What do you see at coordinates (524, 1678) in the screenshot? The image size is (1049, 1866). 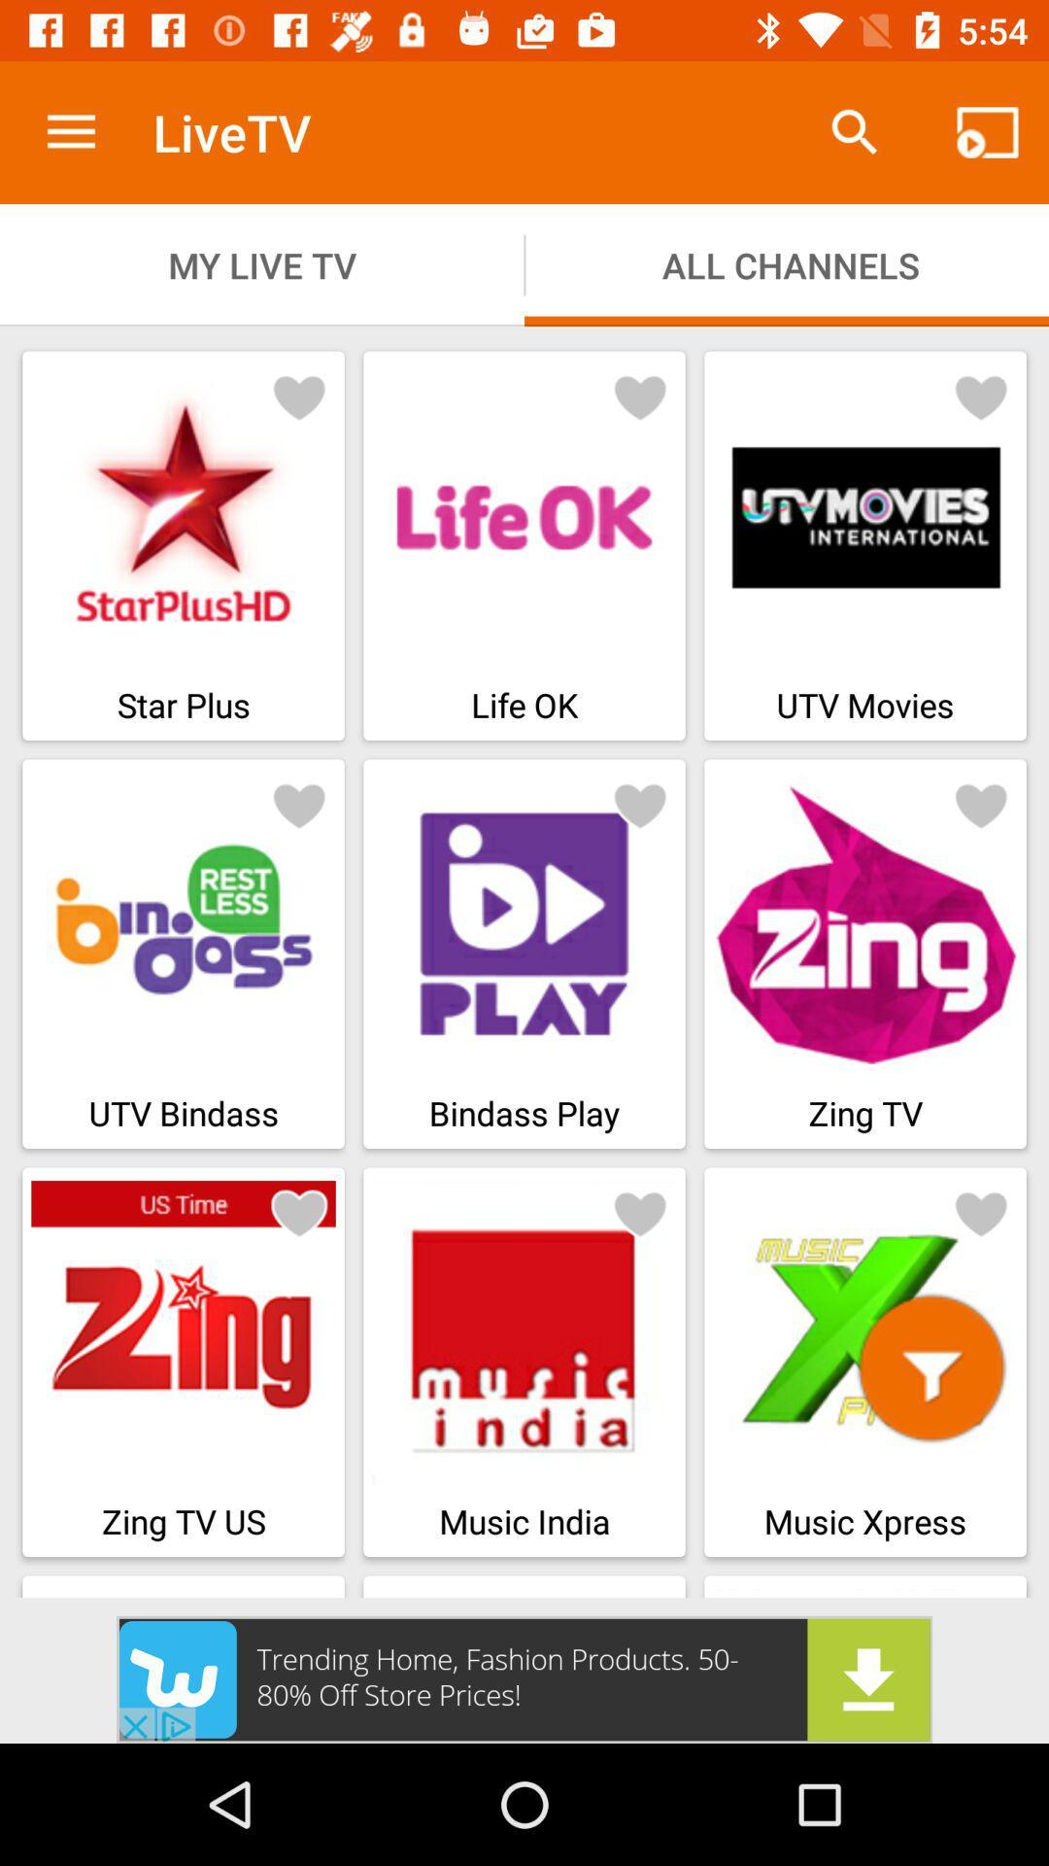 I see `advertisement` at bounding box center [524, 1678].